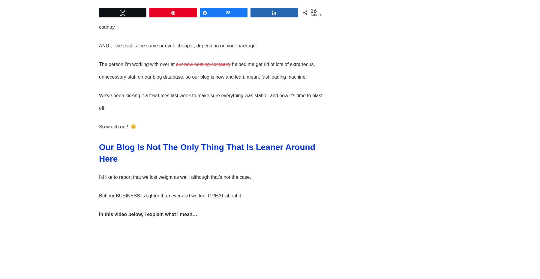 The width and height of the screenshot is (540, 279). What do you see at coordinates (170, 195) in the screenshot?
I see `'But our BUSINESS is lighter than ever and we feel GREAT about it.'` at bounding box center [170, 195].